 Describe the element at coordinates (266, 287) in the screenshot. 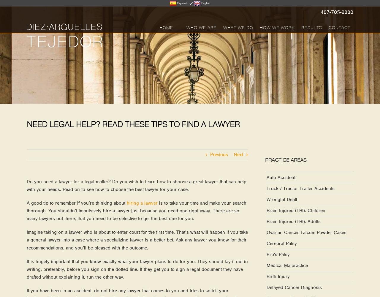

I see `'Delayed Cancer Diagnosis'` at that location.